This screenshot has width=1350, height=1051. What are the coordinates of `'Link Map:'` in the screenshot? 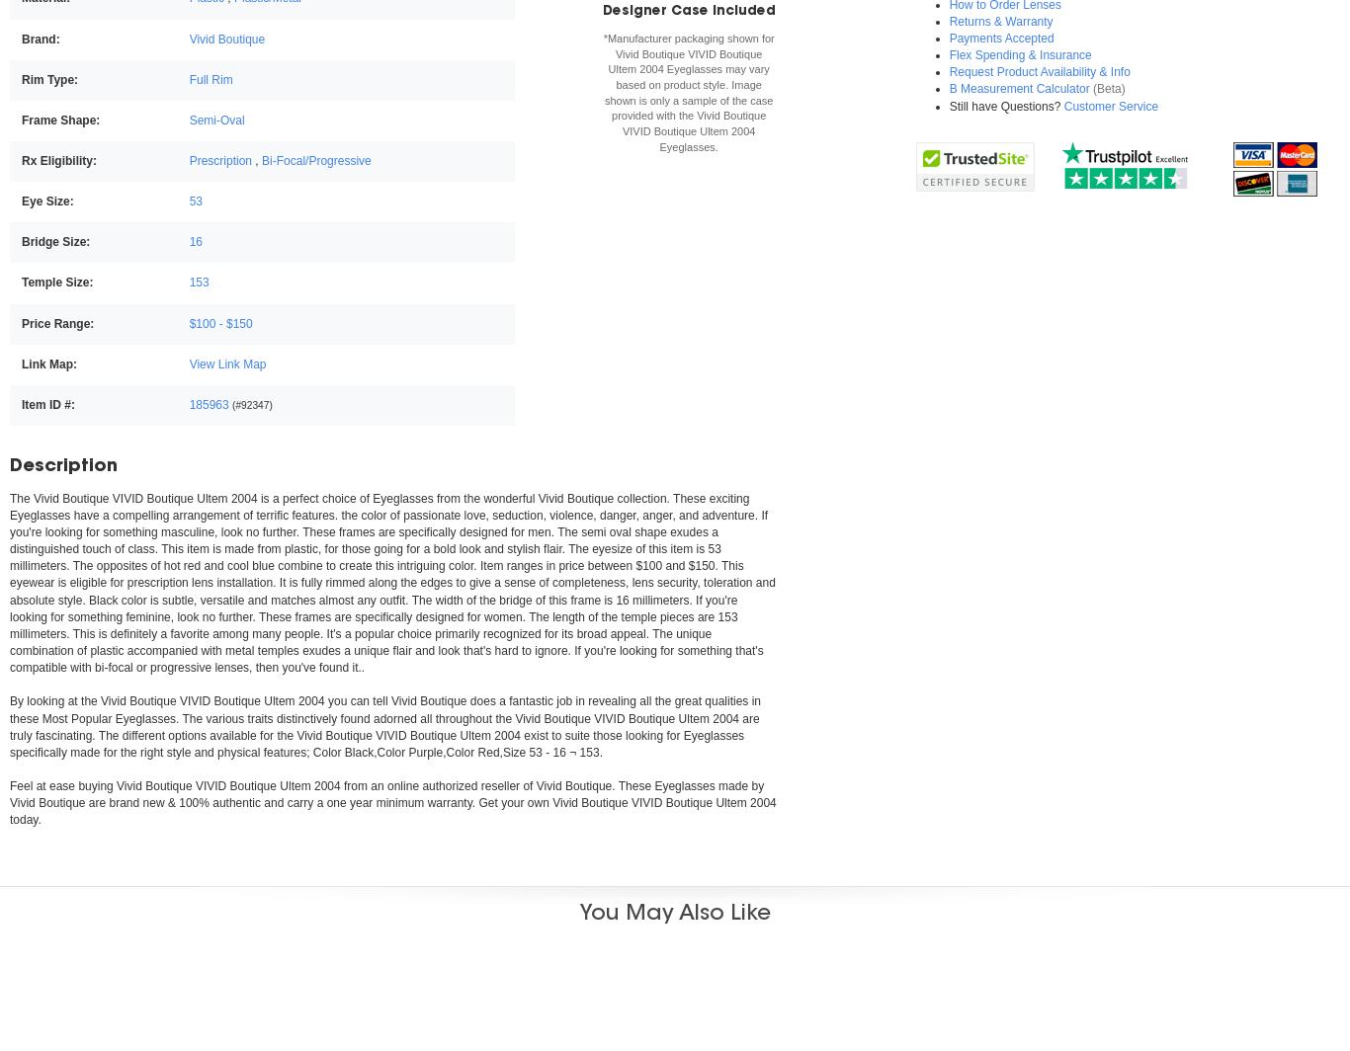 It's located at (48, 364).